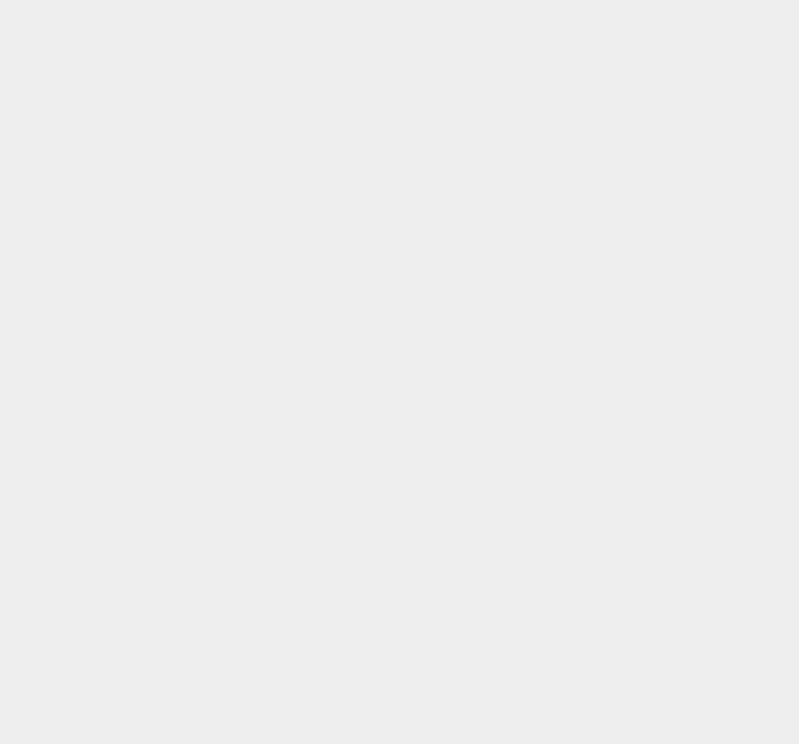  Describe the element at coordinates (609, 37) in the screenshot. I see `'Windows Phone SDK'` at that location.